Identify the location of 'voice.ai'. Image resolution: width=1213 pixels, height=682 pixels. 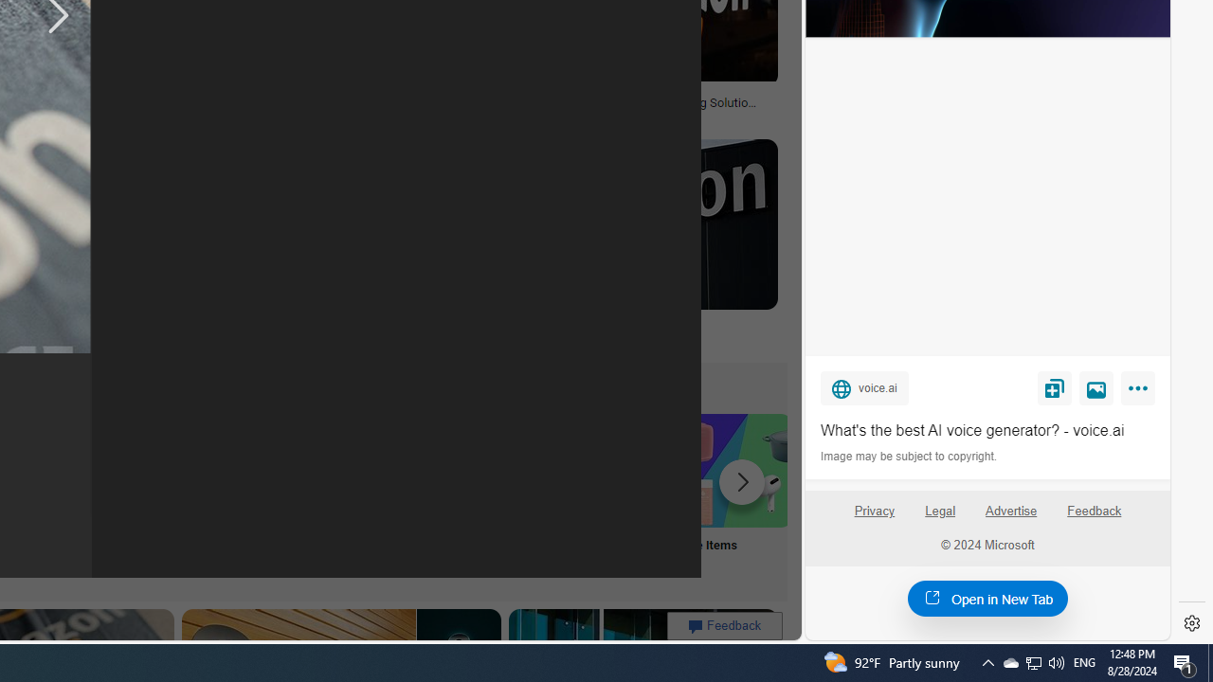
(863, 386).